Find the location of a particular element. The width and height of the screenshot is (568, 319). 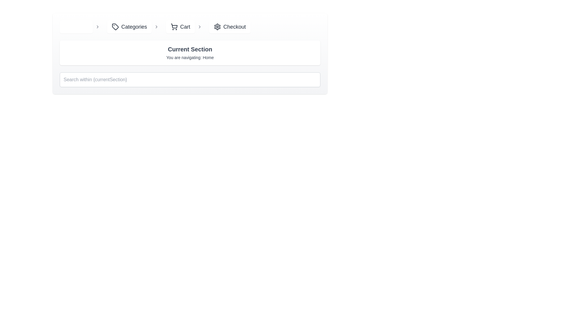

the Text Label that indicates the shopping cart functionality, which is positioned centrally above the main section and is located to the right of the shopping cart icon is located at coordinates (185, 27).